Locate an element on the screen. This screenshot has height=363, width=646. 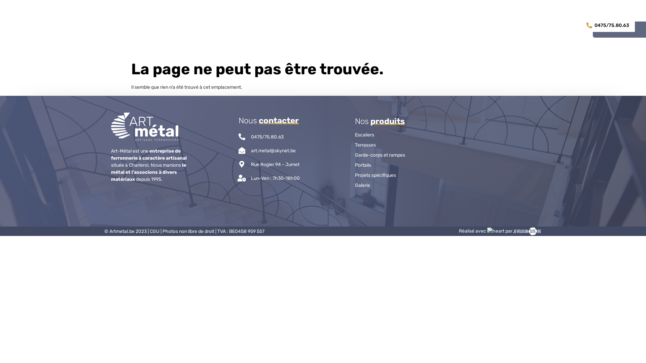
'0475/75.80.63' is located at coordinates (607, 25).